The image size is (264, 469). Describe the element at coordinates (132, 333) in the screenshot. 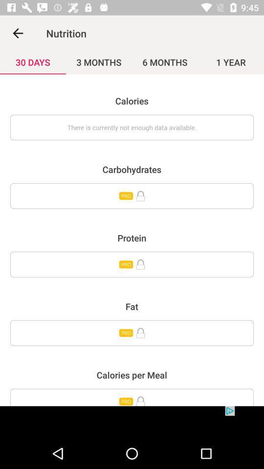

I see `amount of ingested fat` at that location.